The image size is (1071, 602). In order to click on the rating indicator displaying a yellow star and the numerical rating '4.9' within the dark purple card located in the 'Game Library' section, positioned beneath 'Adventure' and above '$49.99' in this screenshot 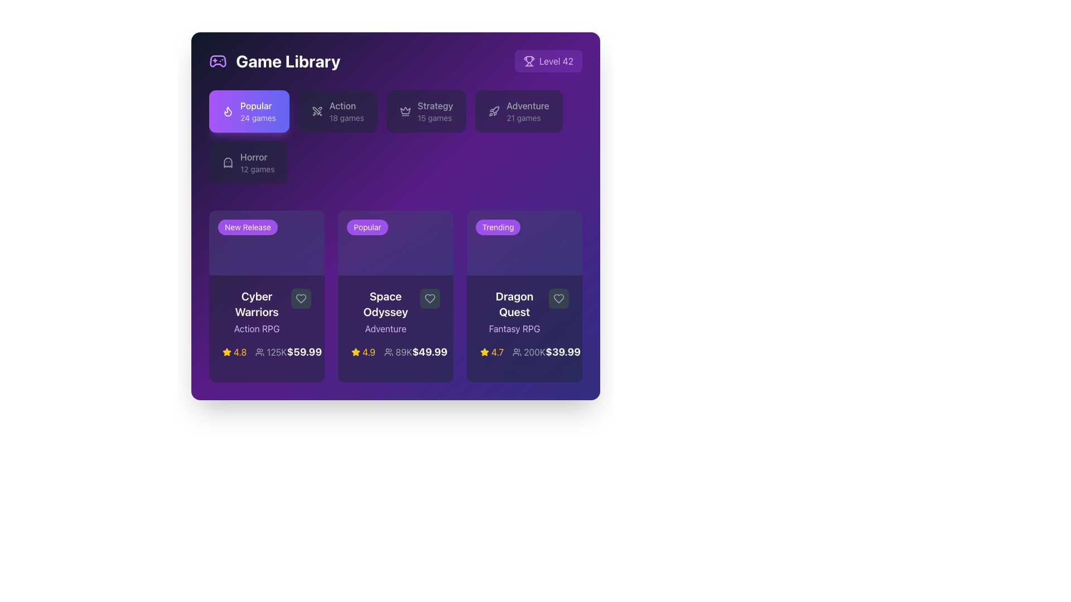, I will do `click(363, 352)`.